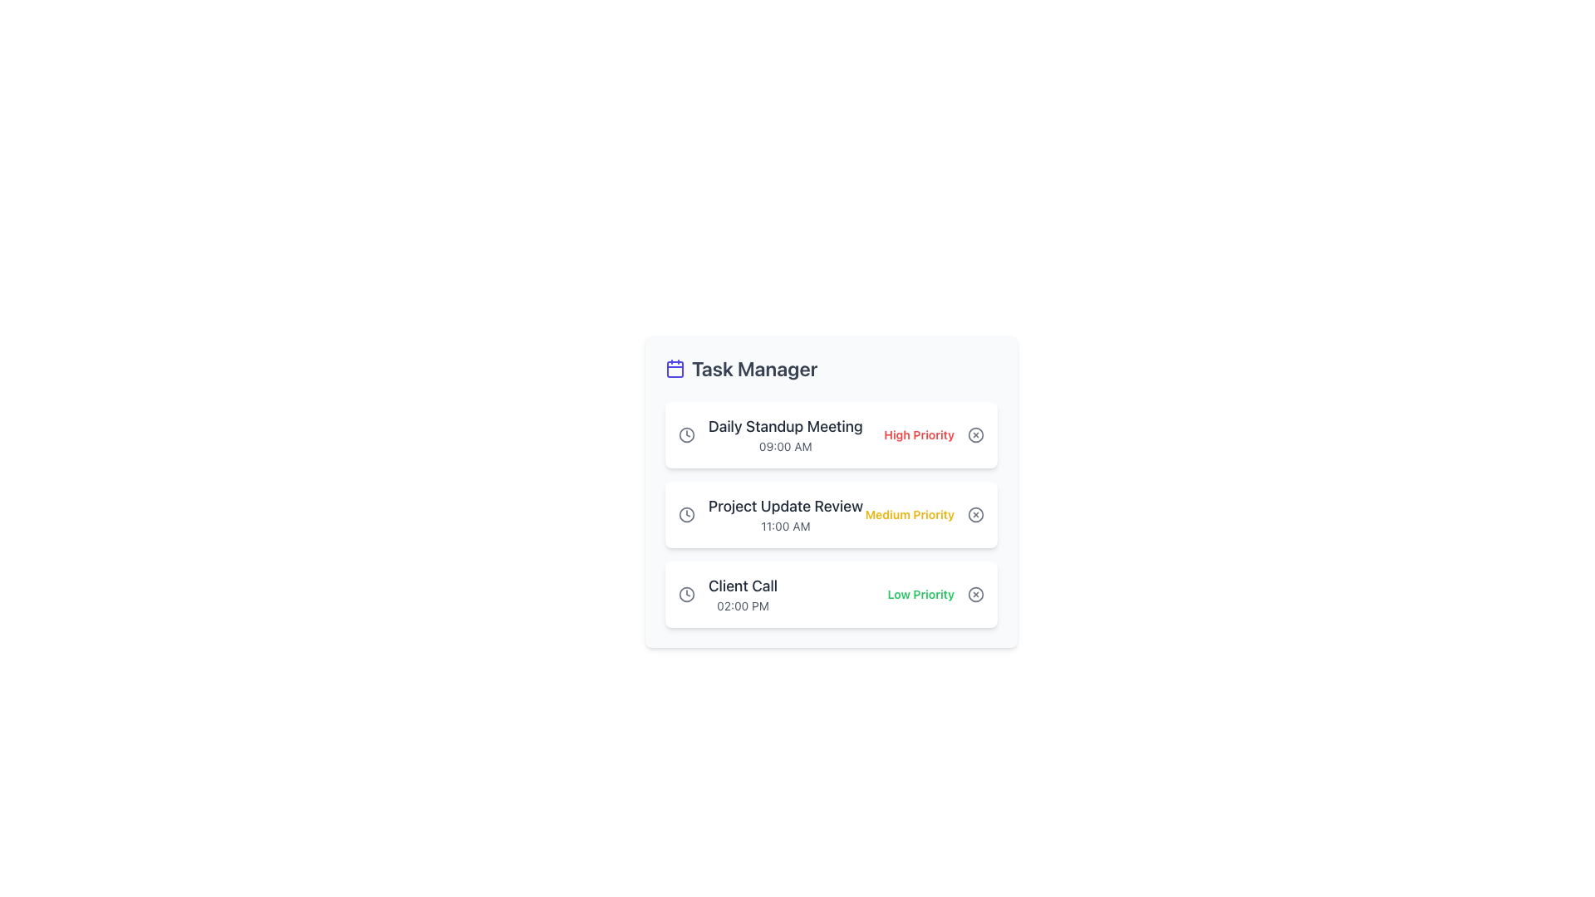 The image size is (1595, 897). What do you see at coordinates (976, 594) in the screenshot?
I see `the circular icon located on the right side of the 'Client Call' task entry in the 'Task Manager' interface, which indicates an action to potentially remove or cancel the associated task` at bounding box center [976, 594].